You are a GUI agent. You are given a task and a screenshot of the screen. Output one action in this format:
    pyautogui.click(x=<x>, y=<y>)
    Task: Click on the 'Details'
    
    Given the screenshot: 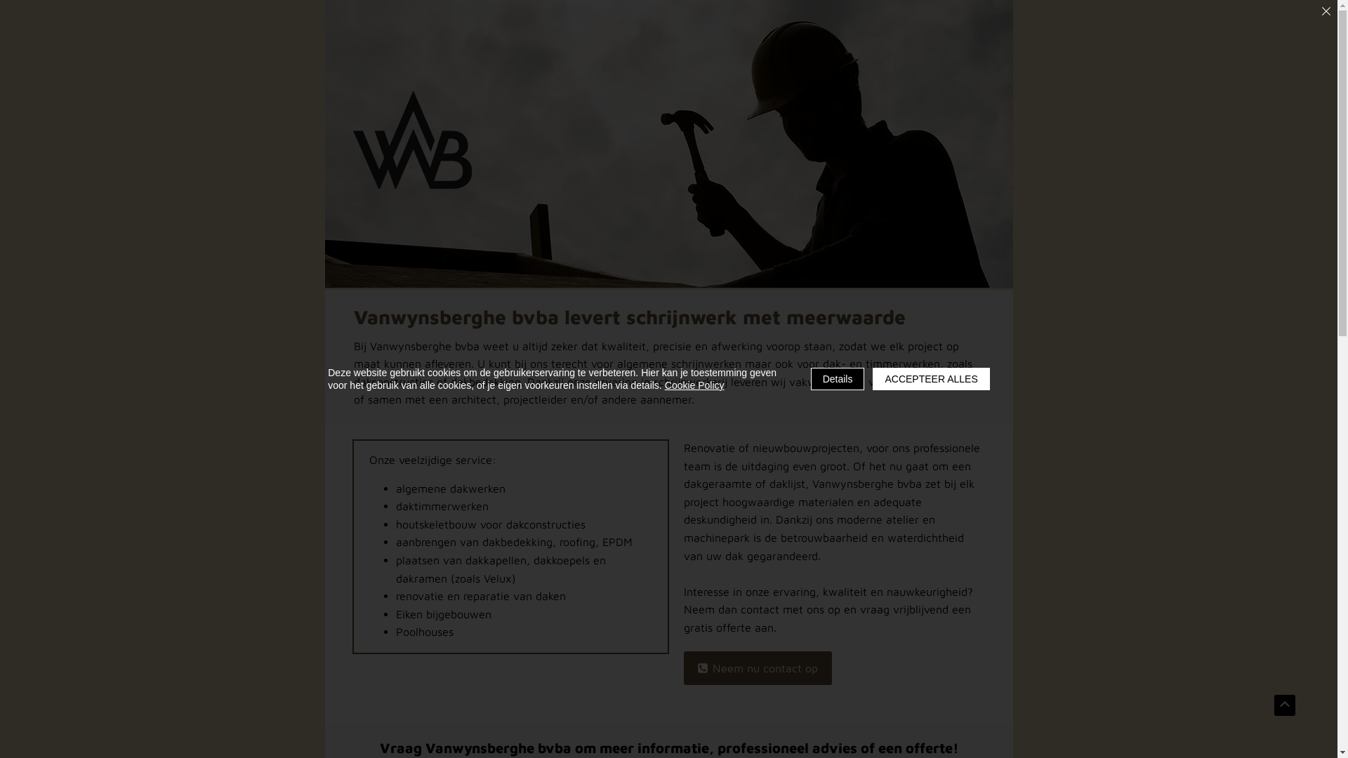 What is the action you would take?
    pyautogui.click(x=838, y=379)
    